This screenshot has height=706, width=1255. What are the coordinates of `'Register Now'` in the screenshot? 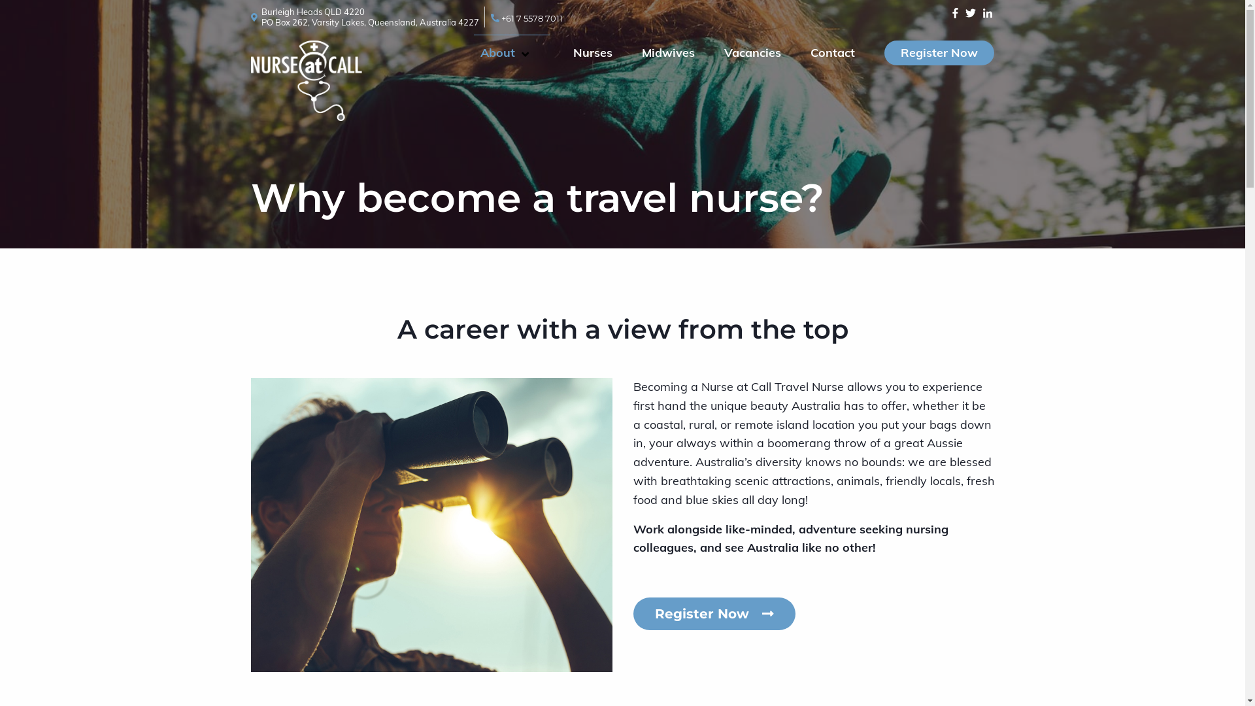 It's located at (938, 52).